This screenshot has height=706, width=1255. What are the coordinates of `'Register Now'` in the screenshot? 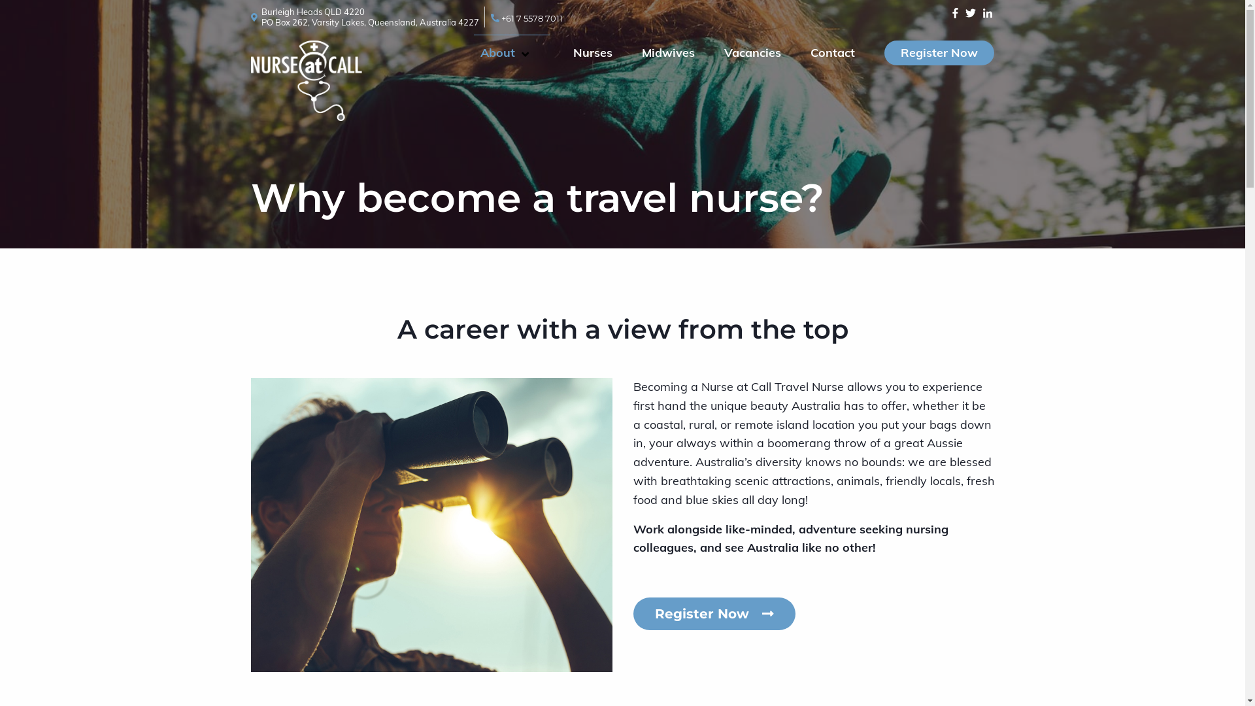 It's located at (938, 52).